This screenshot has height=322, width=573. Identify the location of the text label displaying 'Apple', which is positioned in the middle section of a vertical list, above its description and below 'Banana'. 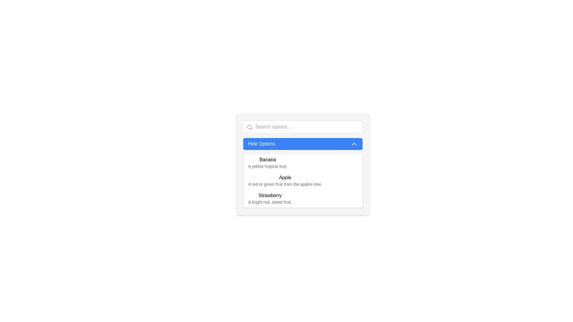
(285, 177).